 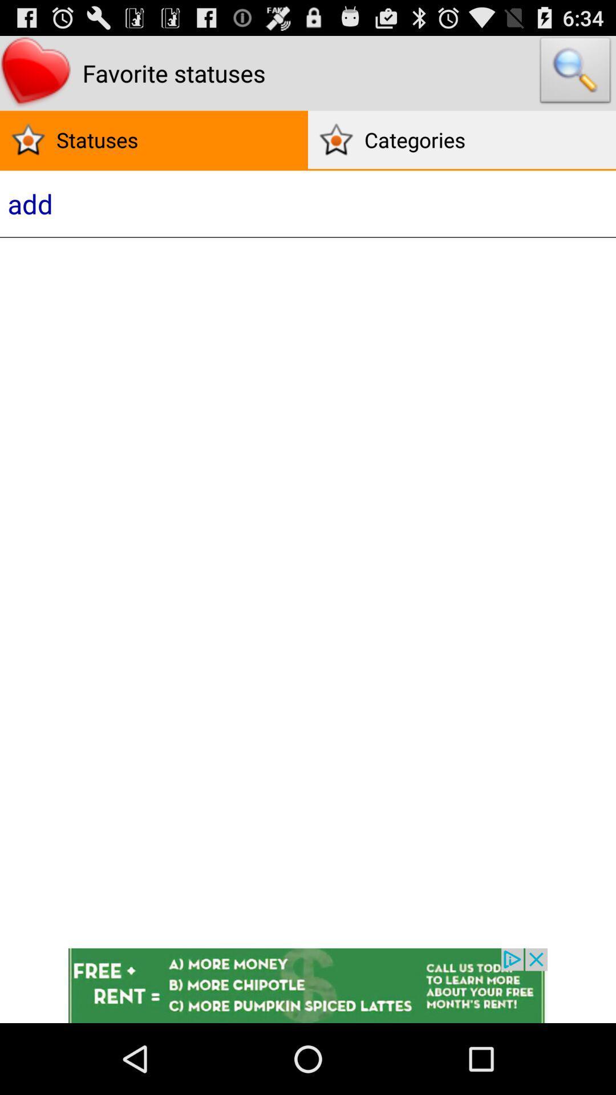 What do you see at coordinates (308, 985) in the screenshot?
I see `open webpage of displayed advertisement` at bounding box center [308, 985].